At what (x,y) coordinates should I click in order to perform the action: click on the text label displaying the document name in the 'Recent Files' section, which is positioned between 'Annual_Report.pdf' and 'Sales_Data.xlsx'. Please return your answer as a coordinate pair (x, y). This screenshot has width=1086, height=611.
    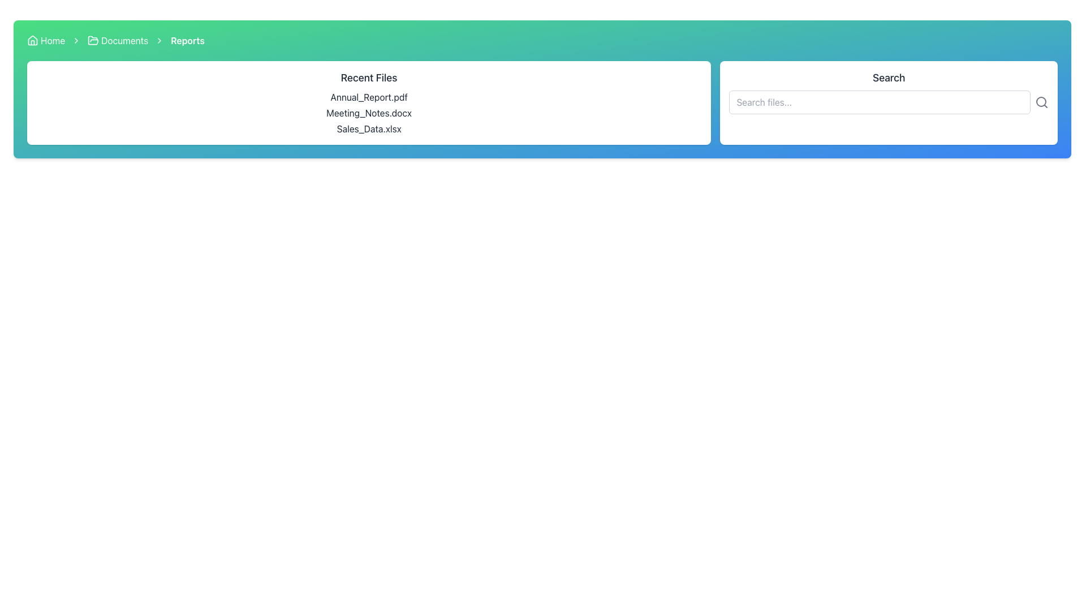
    Looking at the image, I should click on (369, 113).